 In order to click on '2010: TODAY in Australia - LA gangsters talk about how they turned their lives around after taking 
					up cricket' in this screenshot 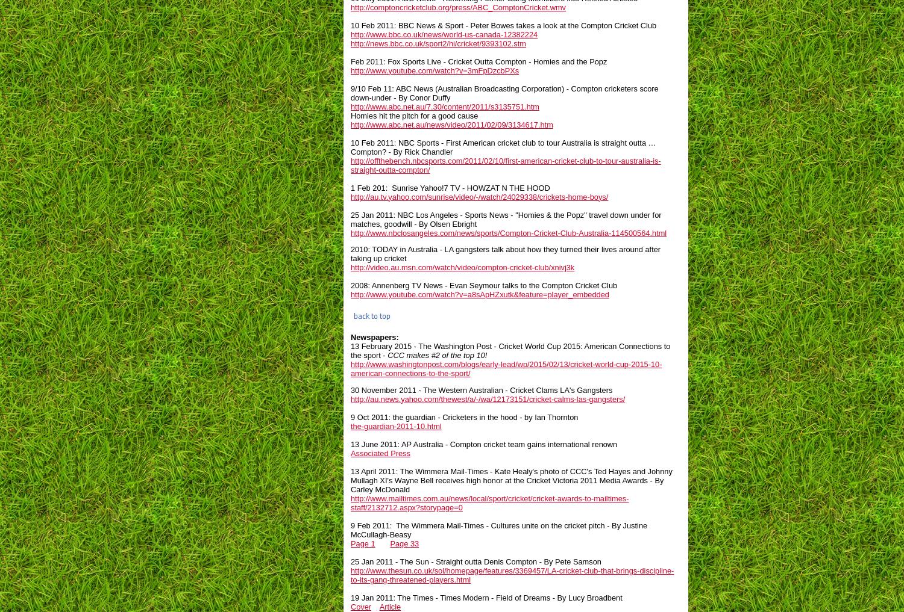, I will do `click(504, 253)`.